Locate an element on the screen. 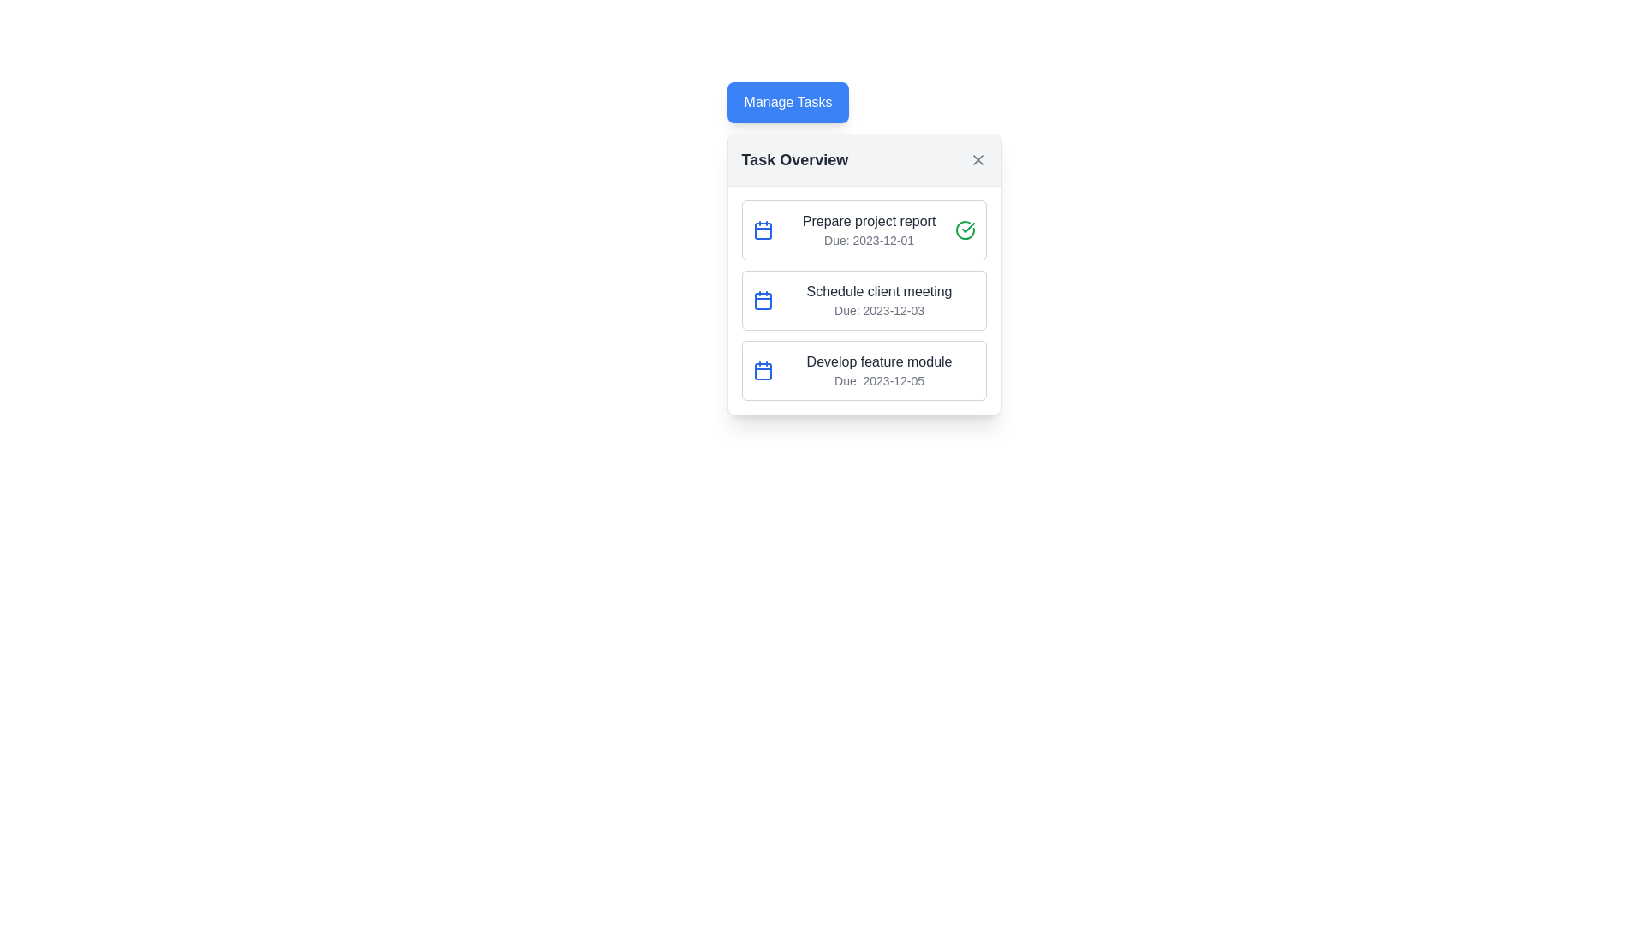 Image resolution: width=1645 pixels, height=925 pixels. due date value from the text label displaying 'Due: 2023-12-03', which is located below the title 'Schedule client meeting' in the second task entry of the 'Task Overview' card is located at coordinates (879, 310).